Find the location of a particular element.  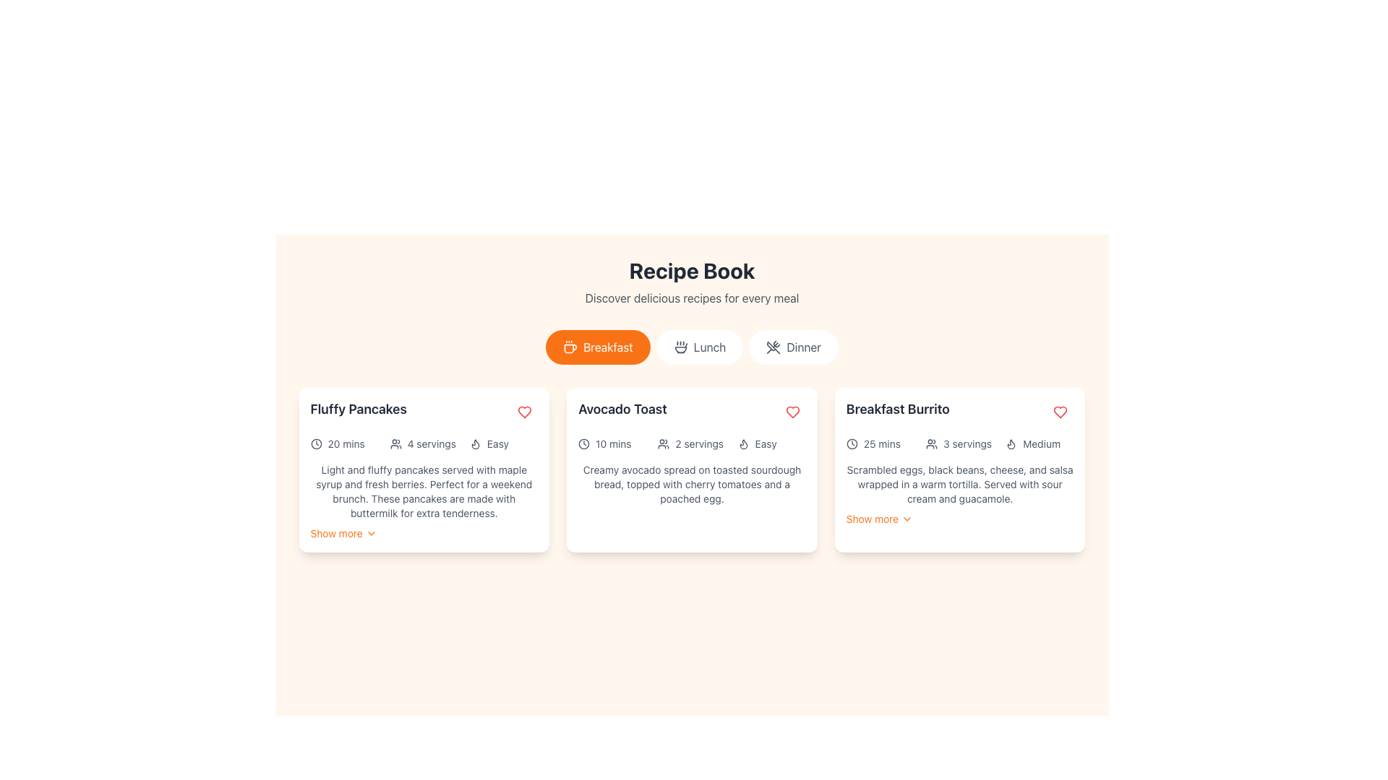

the '25 mins' text label with the clock icon in the recipe card for 'Breakfast Burrito' located at the top left portion of the recipe details is located at coordinates (879, 443).